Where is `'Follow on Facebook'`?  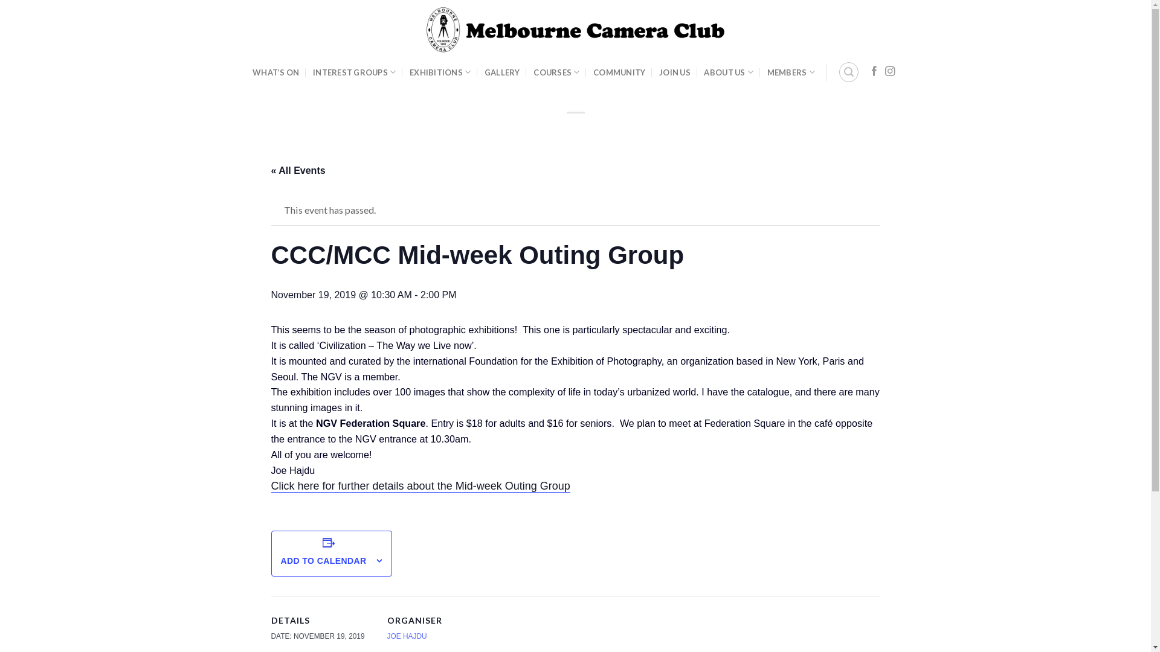
'Follow on Facebook' is located at coordinates (874, 72).